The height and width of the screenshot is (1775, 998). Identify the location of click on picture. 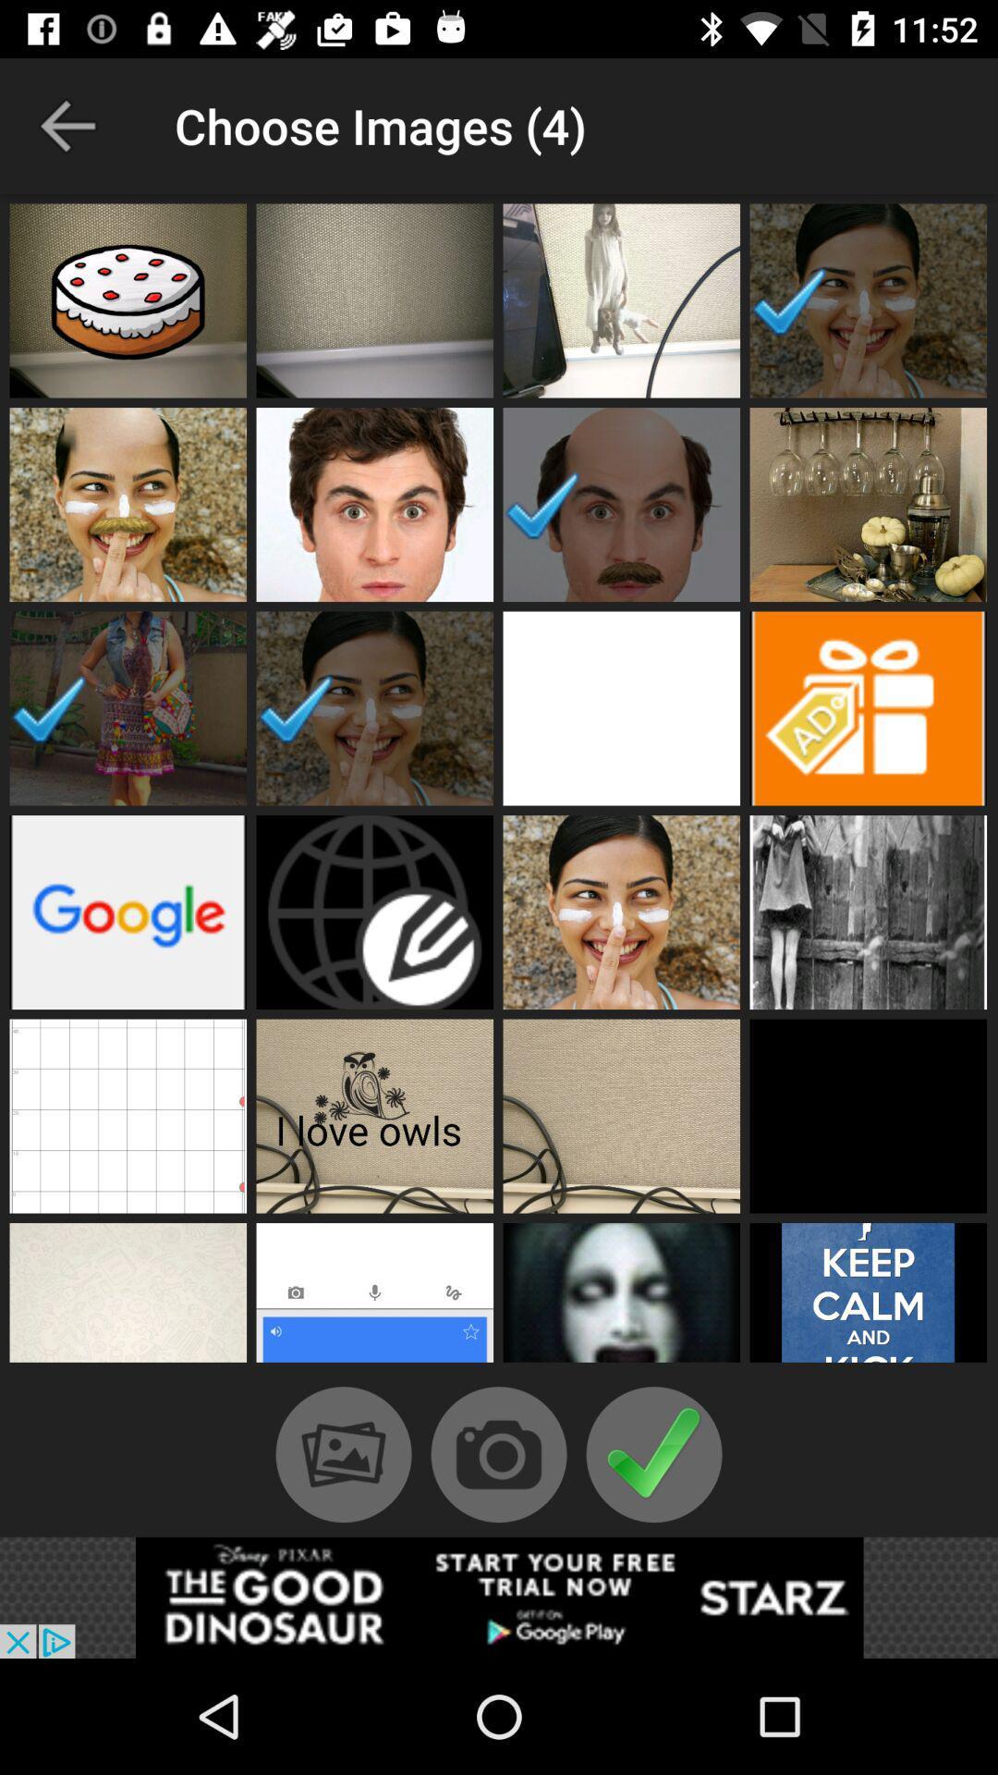
(868, 1296).